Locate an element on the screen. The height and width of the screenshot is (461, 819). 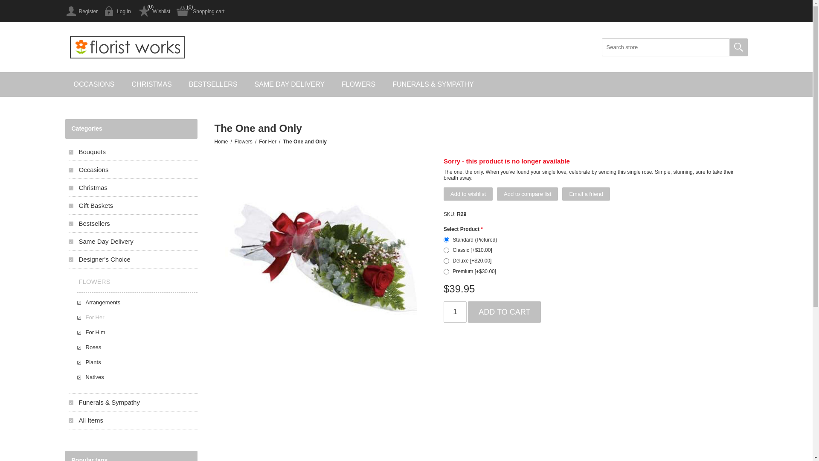
'Bouquets' is located at coordinates (132, 151).